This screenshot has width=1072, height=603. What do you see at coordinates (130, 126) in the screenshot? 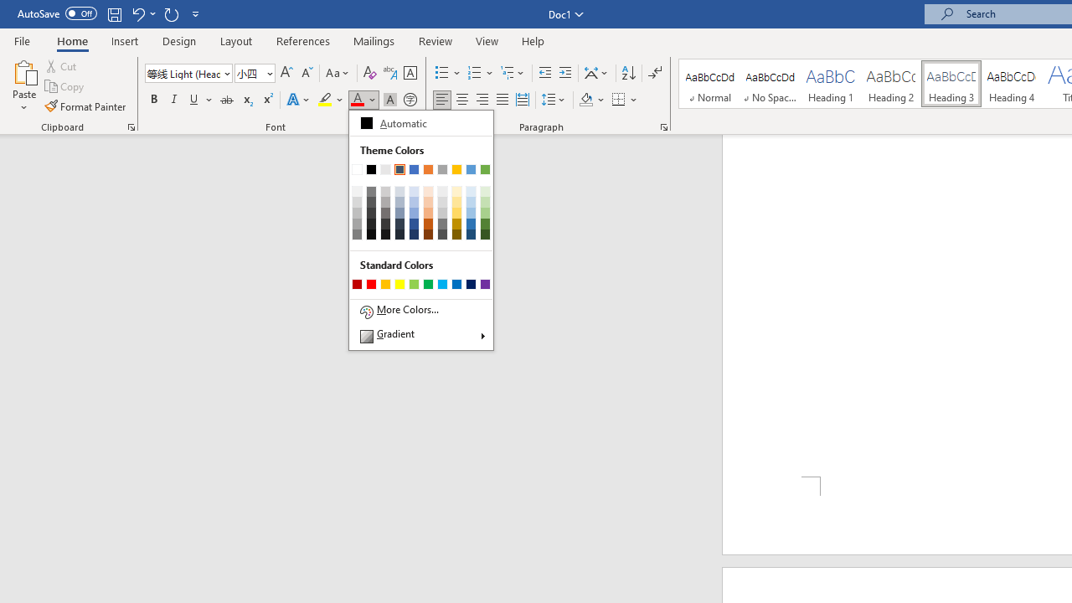
I see `'Office Clipboard...'` at bounding box center [130, 126].